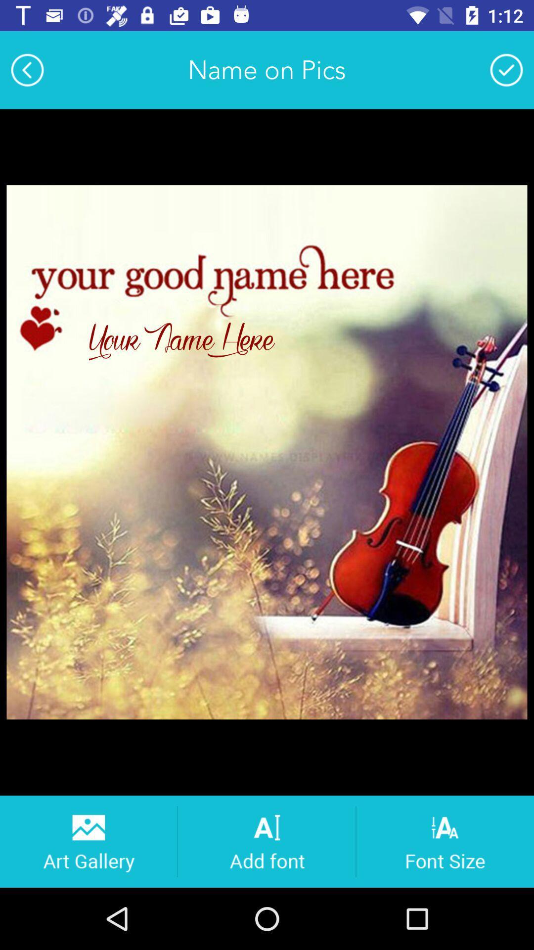 The height and width of the screenshot is (950, 534). Describe the element at coordinates (266, 841) in the screenshot. I see `font` at that location.